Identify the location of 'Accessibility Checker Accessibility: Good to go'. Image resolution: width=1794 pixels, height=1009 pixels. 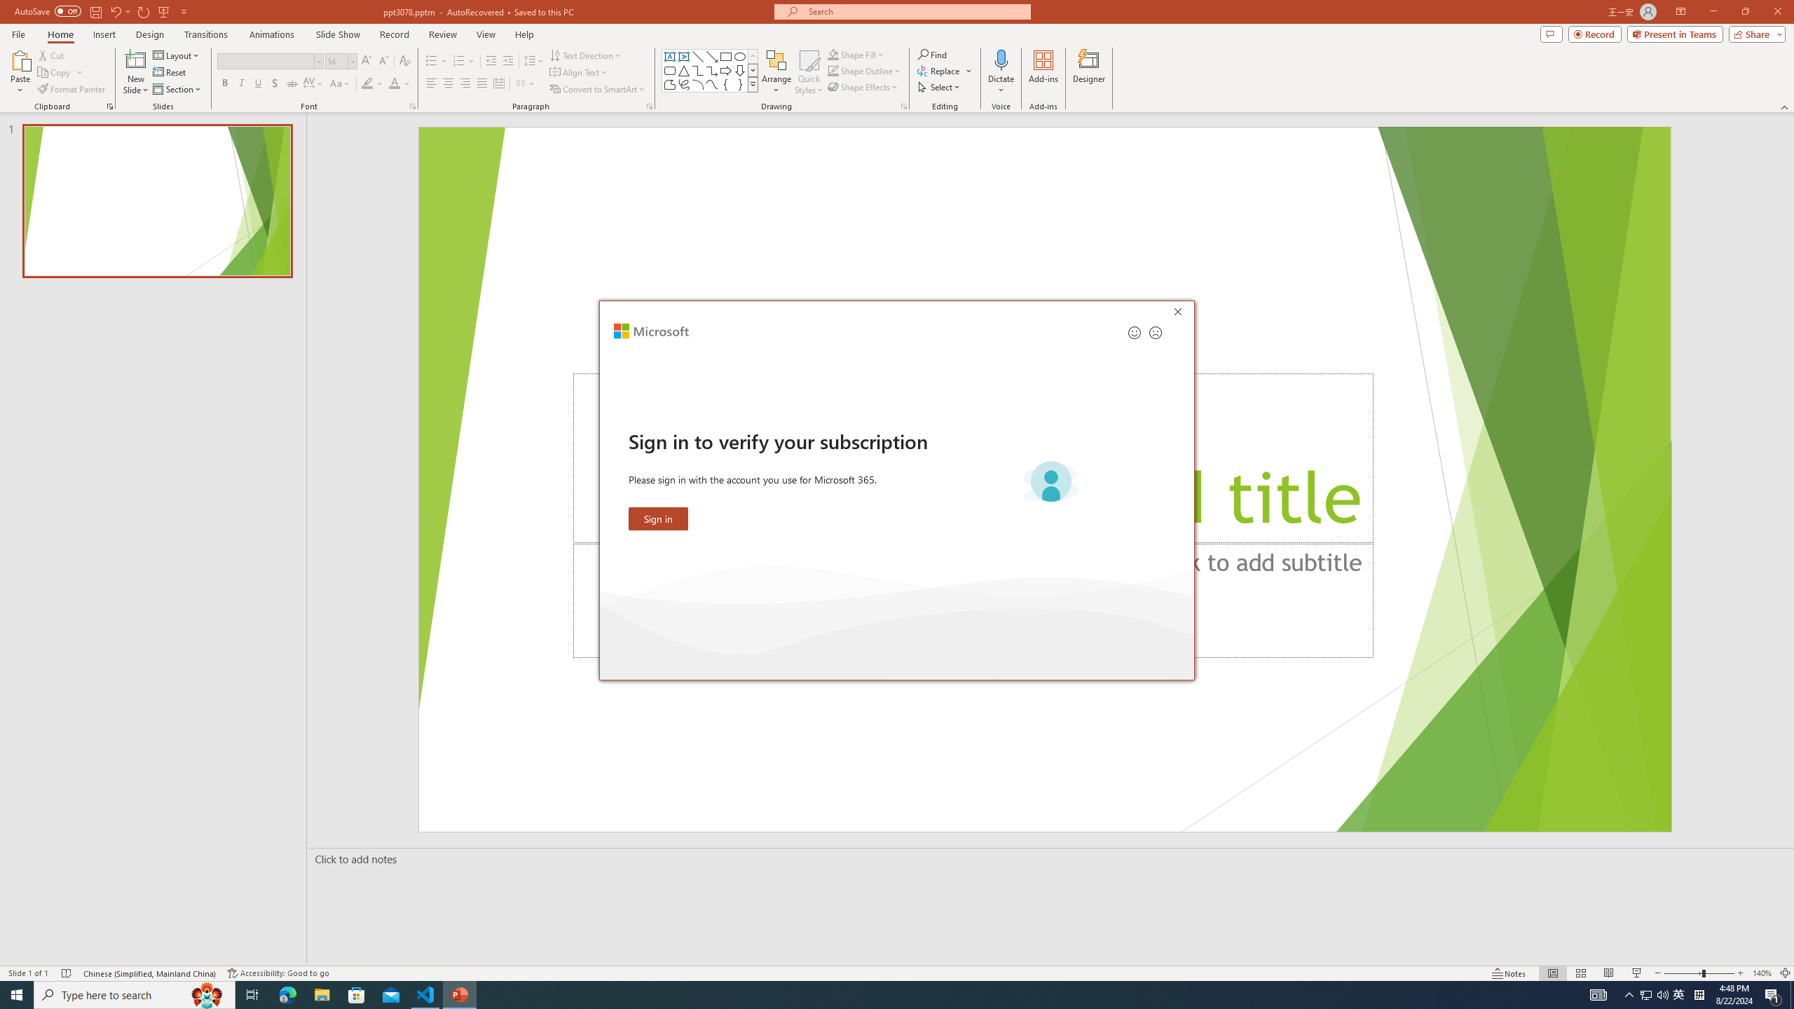
(279, 973).